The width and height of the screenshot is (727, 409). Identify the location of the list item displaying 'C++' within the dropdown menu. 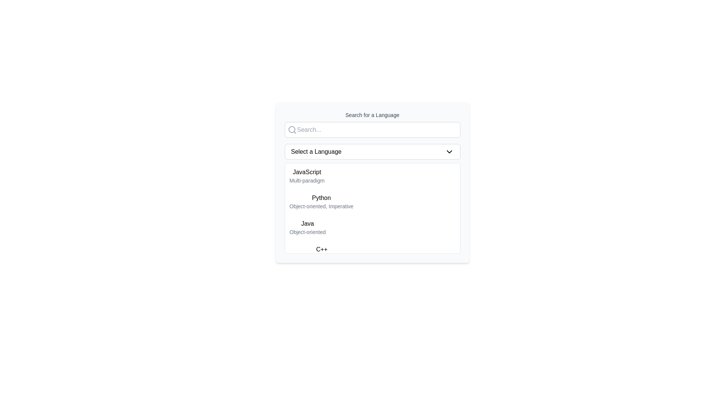
(372, 253).